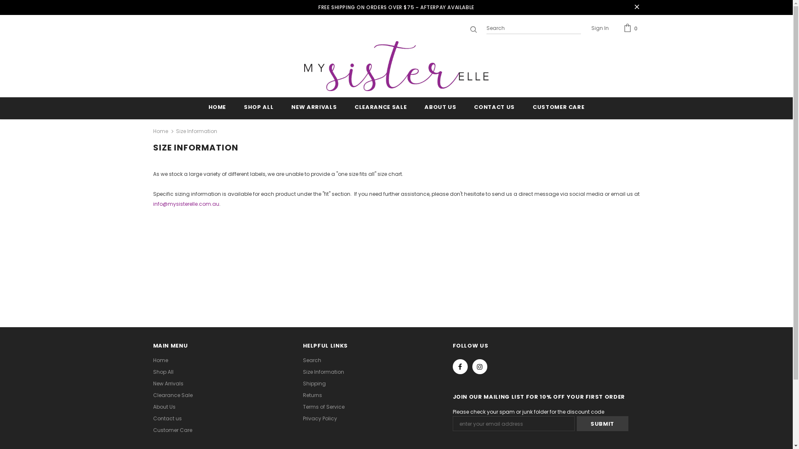 This screenshot has width=799, height=449. I want to click on 'Submit', so click(576, 423).